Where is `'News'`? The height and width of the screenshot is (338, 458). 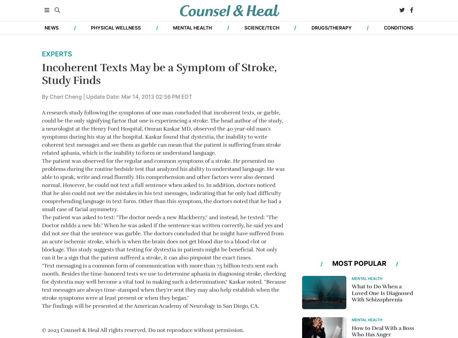 'News' is located at coordinates (149, 296).